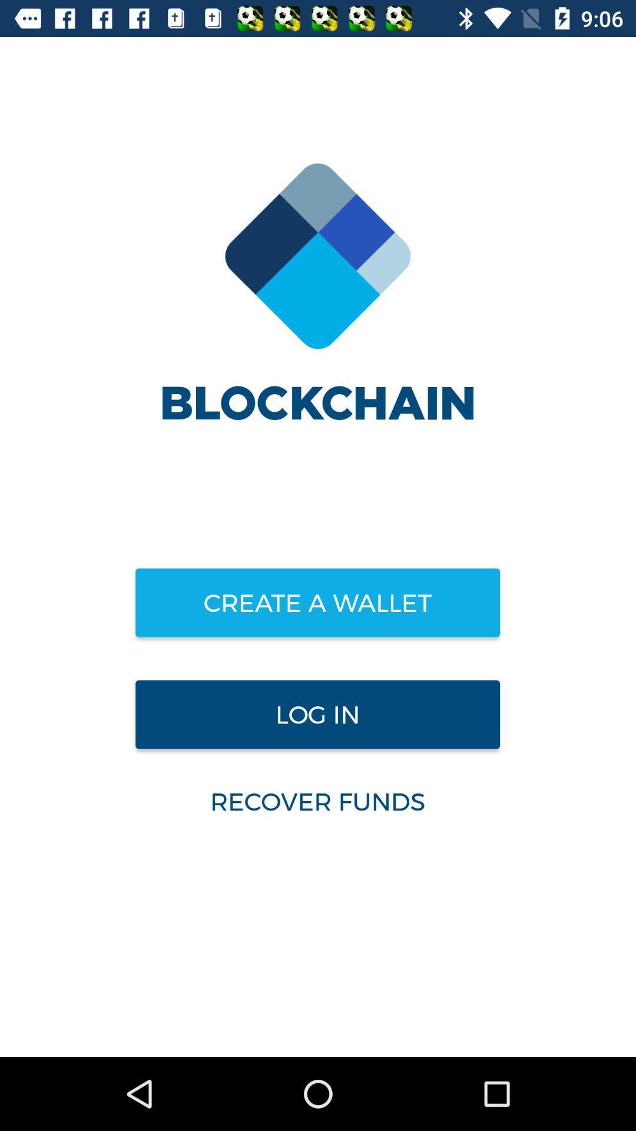 Image resolution: width=636 pixels, height=1131 pixels. What do you see at coordinates (317, 801) in the screenshot?
I see `item below log in` at bounding box center [317, 801].